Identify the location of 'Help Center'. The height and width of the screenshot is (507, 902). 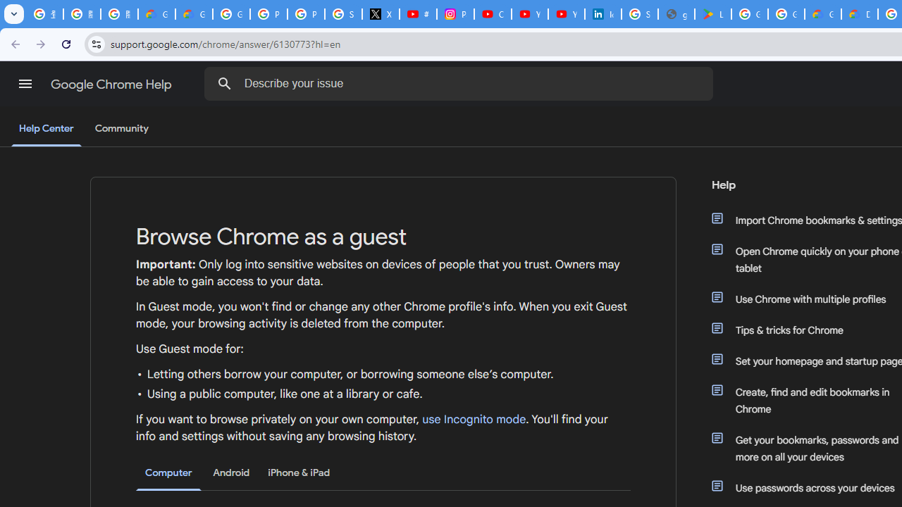
(46, 129).